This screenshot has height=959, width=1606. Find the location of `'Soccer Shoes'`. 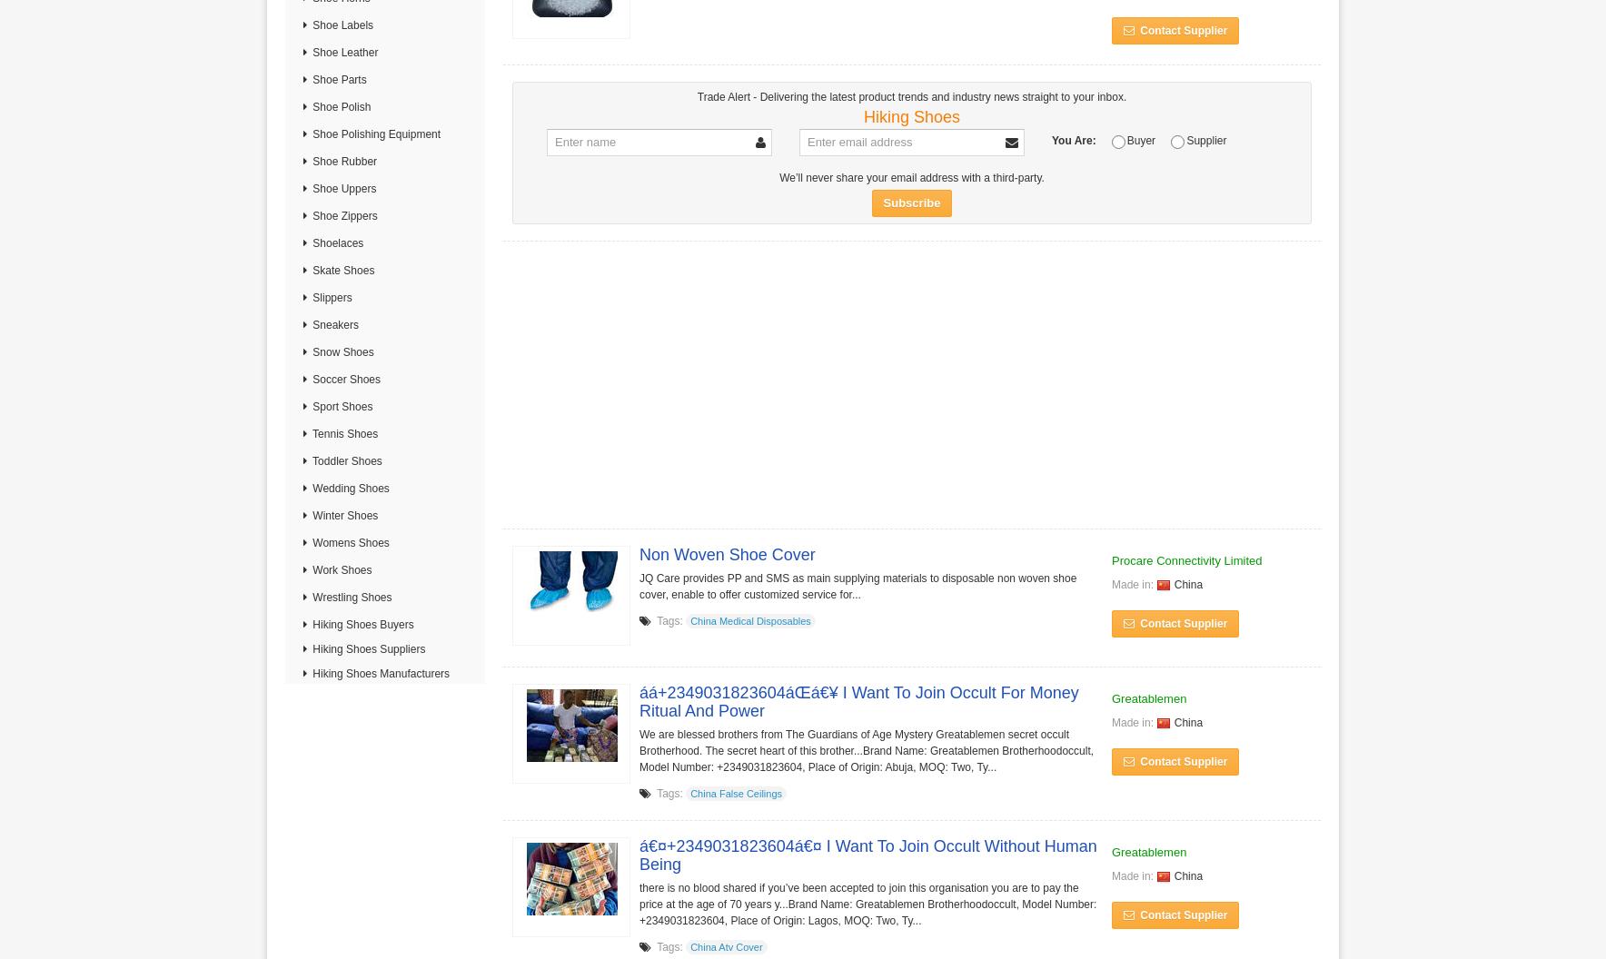

'Soccer Shoes' is located at coordinates (344, 379).